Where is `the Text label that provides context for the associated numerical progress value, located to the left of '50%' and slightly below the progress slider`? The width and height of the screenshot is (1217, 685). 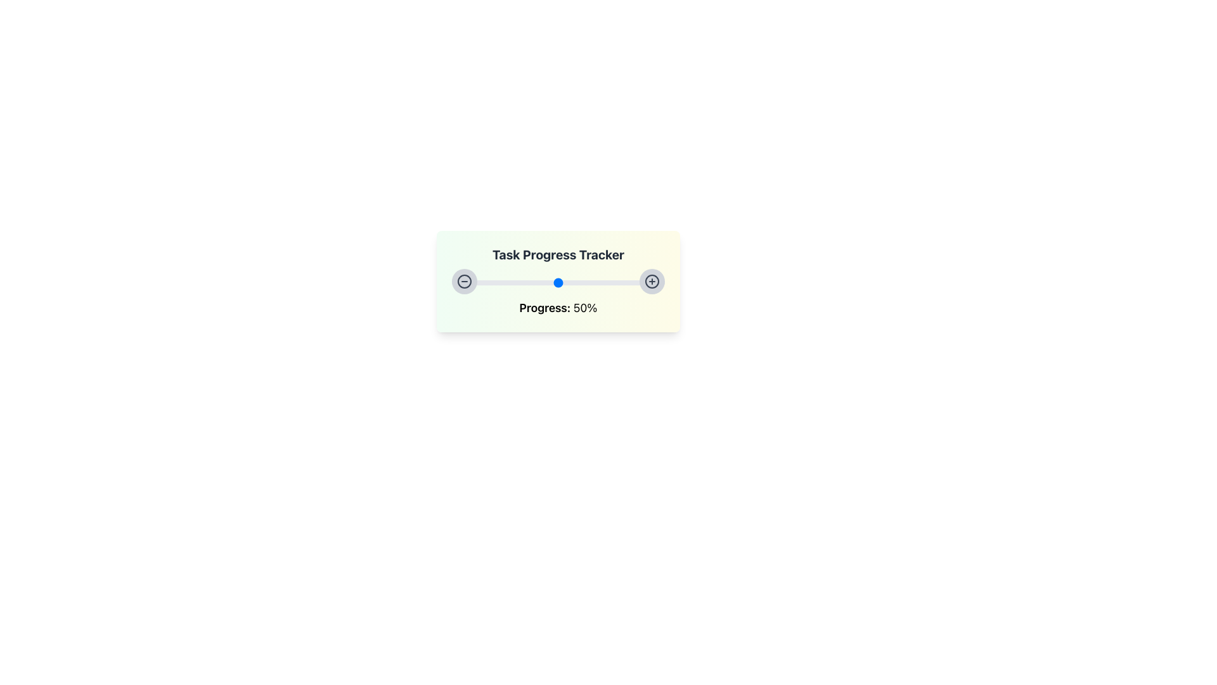 the Text label that provides context for the associated numerical progress value, located to the left of '50%' and slightly below the progress slider is located at coordinates (544, 308).